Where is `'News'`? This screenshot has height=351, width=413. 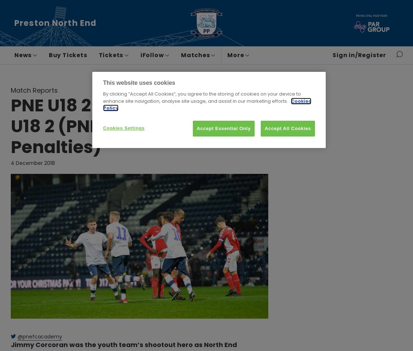
'News' is located at coordinates (23, 55).